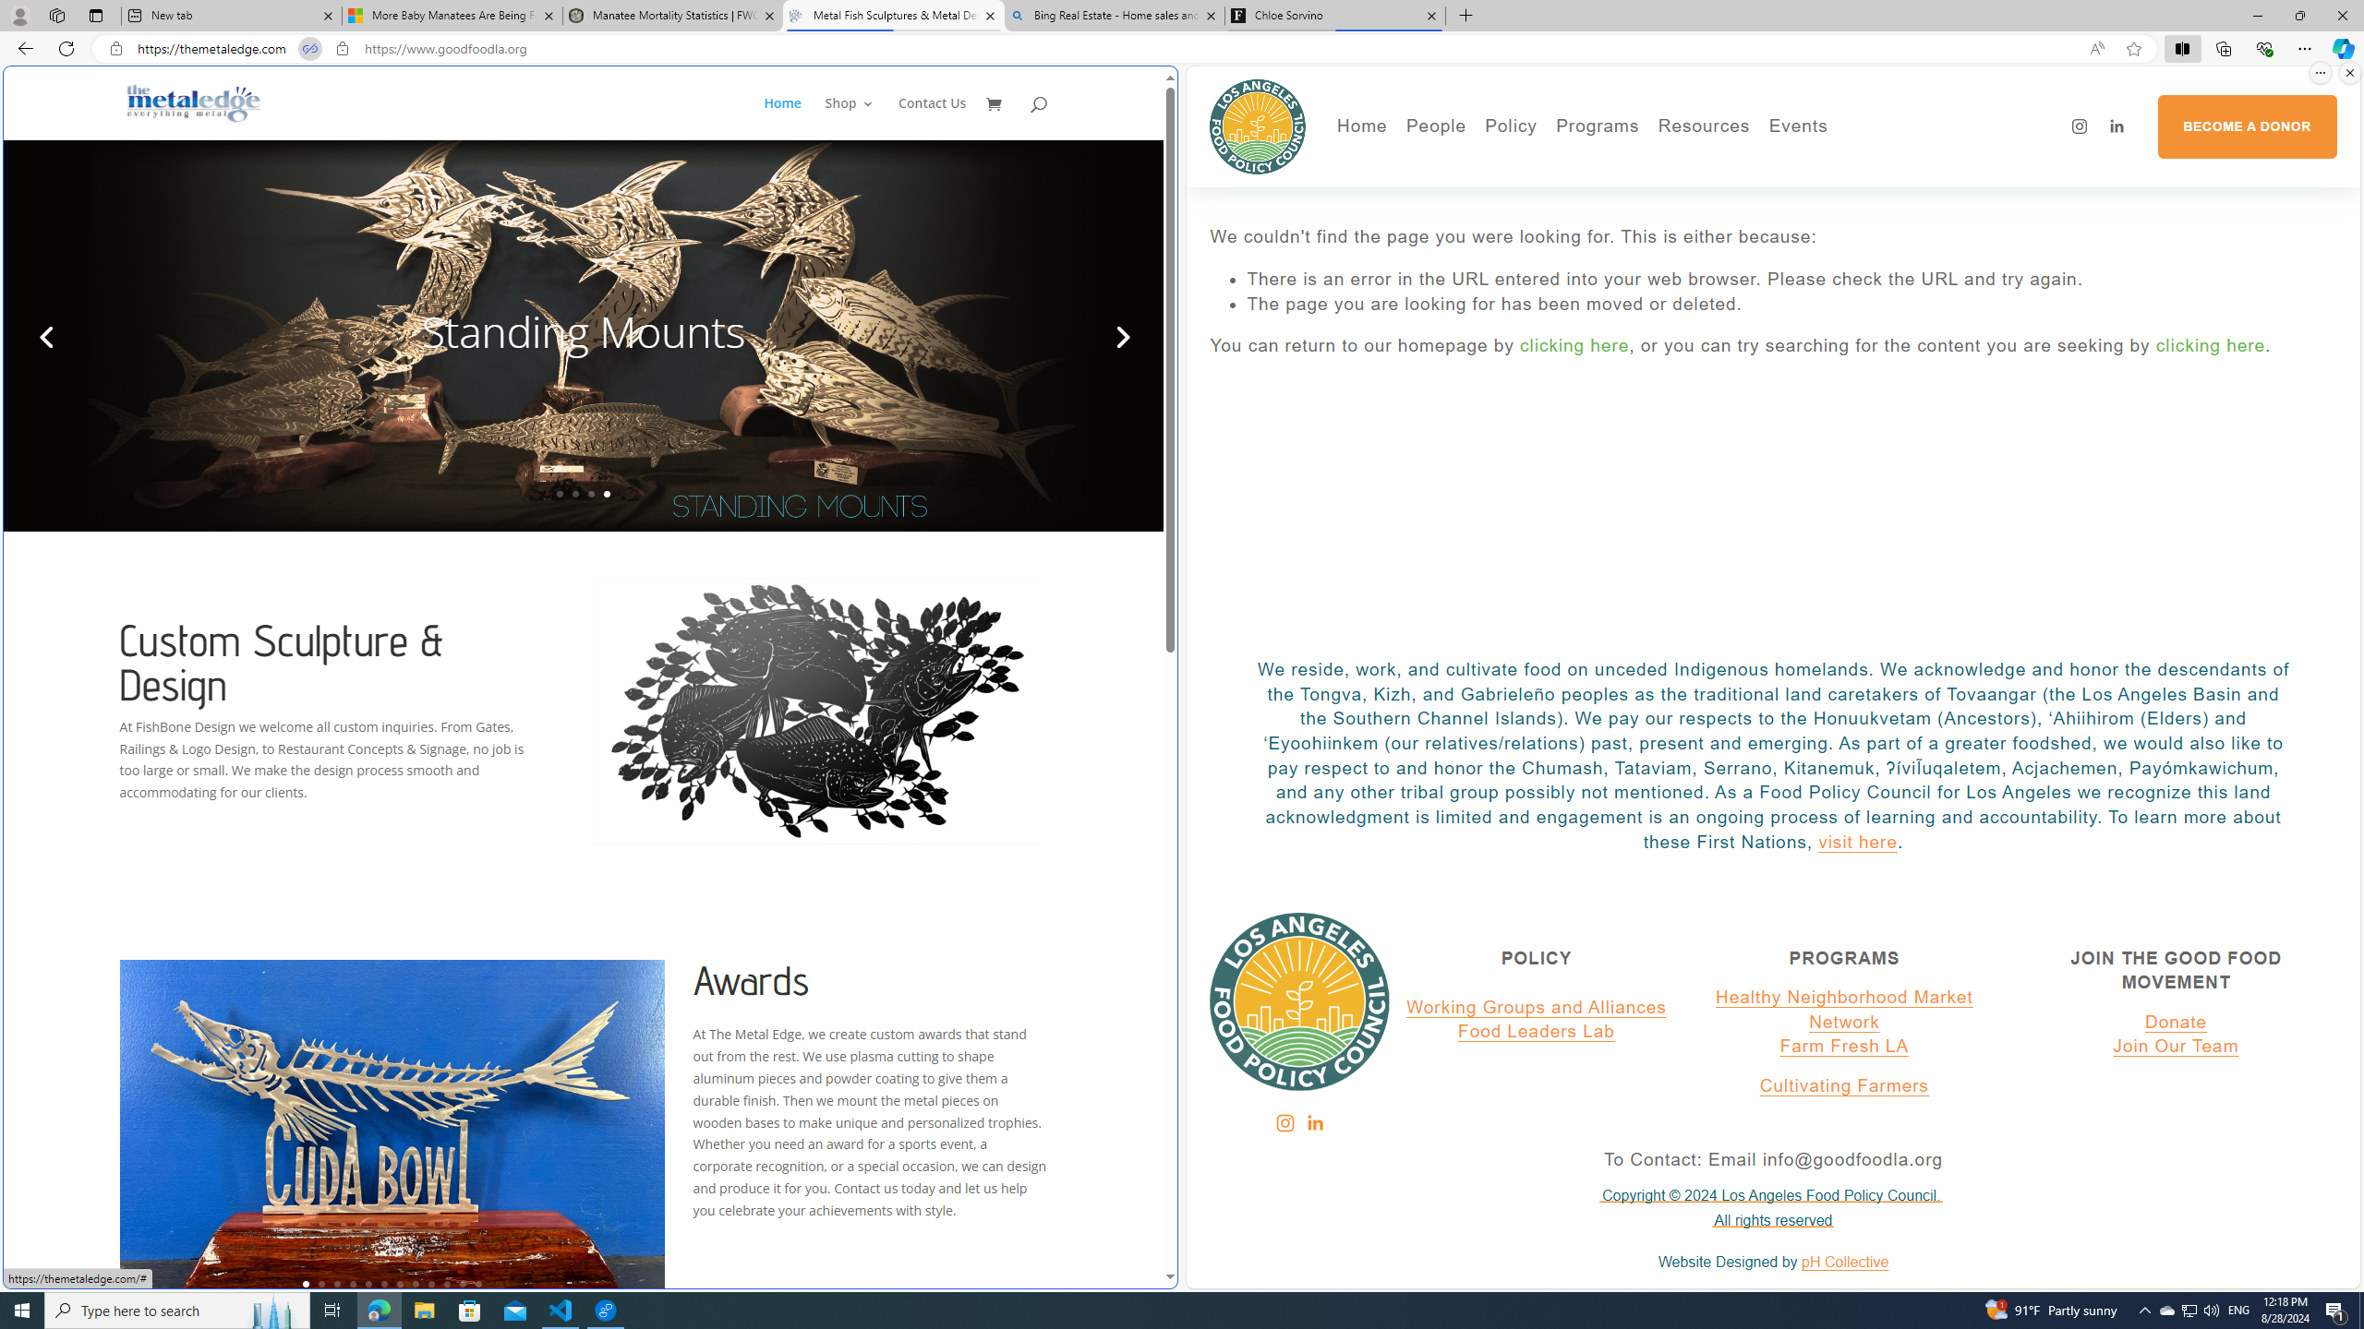 The height and width of the screenshot is (1329, 2364). What do you see at coordinates (1335, 15) in the screenshot?
I see `'Chloe Sorvino'` at bounding box center [1335, 15].